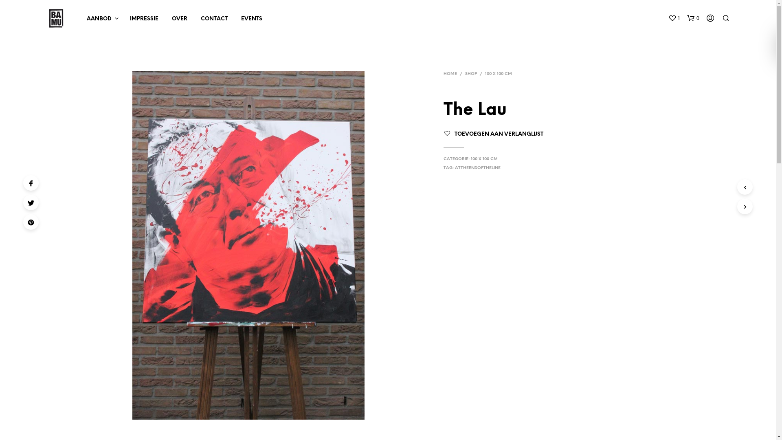  Describe the element at coordinates (31, 222) in the screenshot. I see `'Pinterest'` at that location.